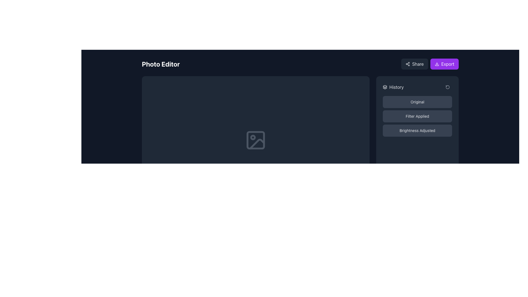  Describe the element at coordinates (447, 87) in the screenshot. I see `the reset icon represented by a counter-clockwise circular arrow in the 'History' section` at that location.